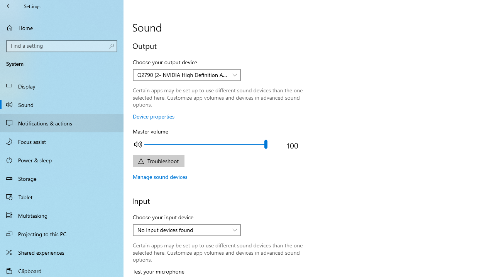 This screenshot has width=494, height=277. What do you see at coordinates (187, 75) in the screenshot?
I see `'Choose your output device'` at bounding box center [187, 75].